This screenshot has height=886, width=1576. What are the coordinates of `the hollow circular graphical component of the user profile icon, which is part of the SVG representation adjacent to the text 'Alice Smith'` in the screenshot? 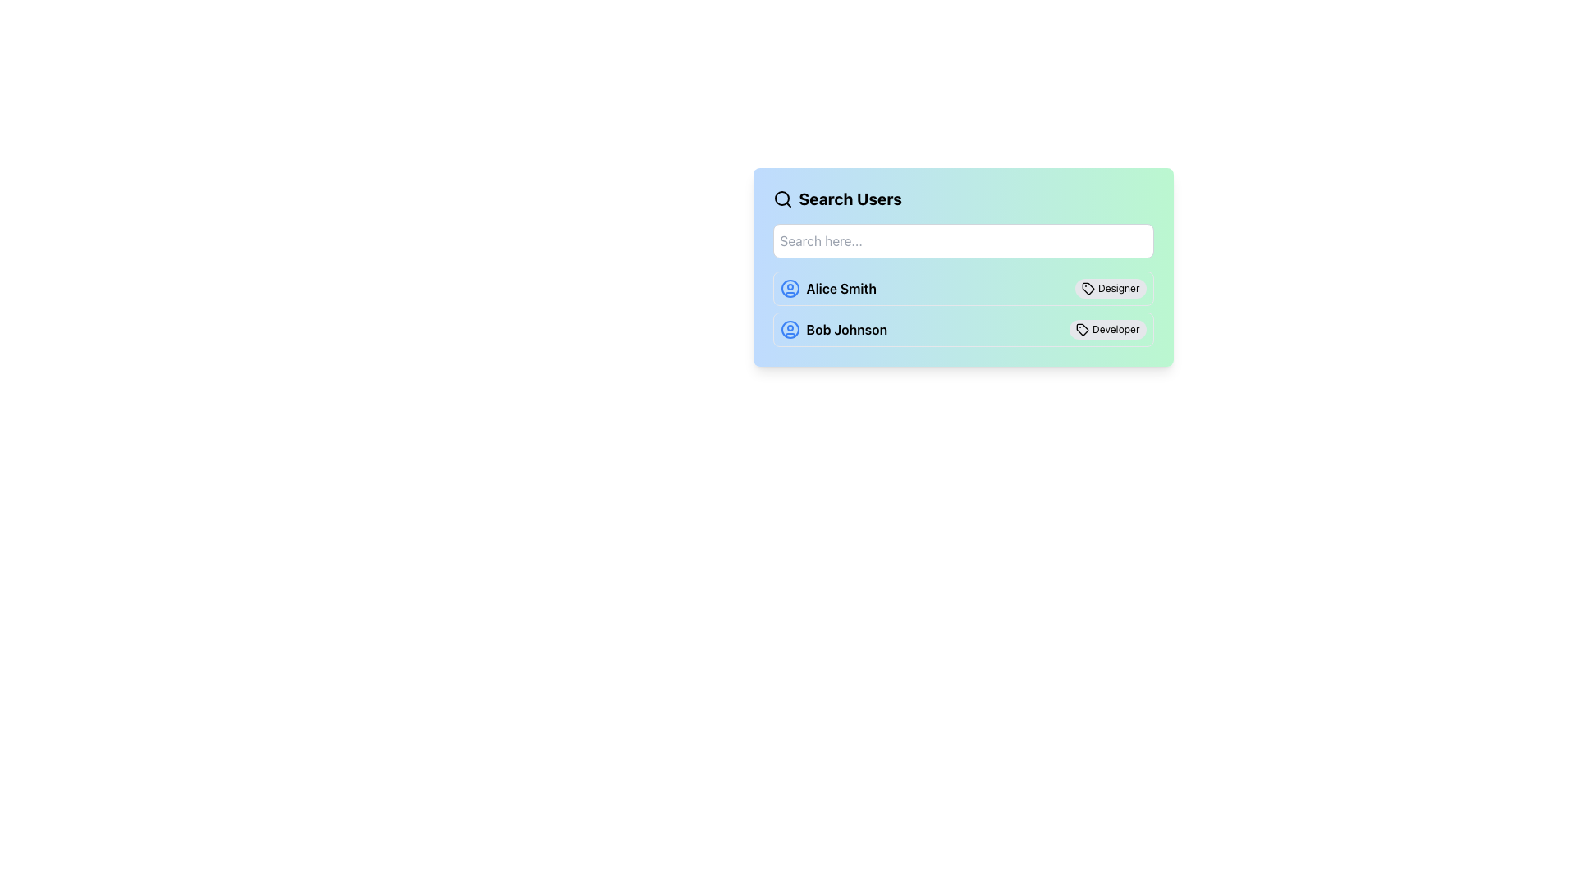 It's located at (790, 287).